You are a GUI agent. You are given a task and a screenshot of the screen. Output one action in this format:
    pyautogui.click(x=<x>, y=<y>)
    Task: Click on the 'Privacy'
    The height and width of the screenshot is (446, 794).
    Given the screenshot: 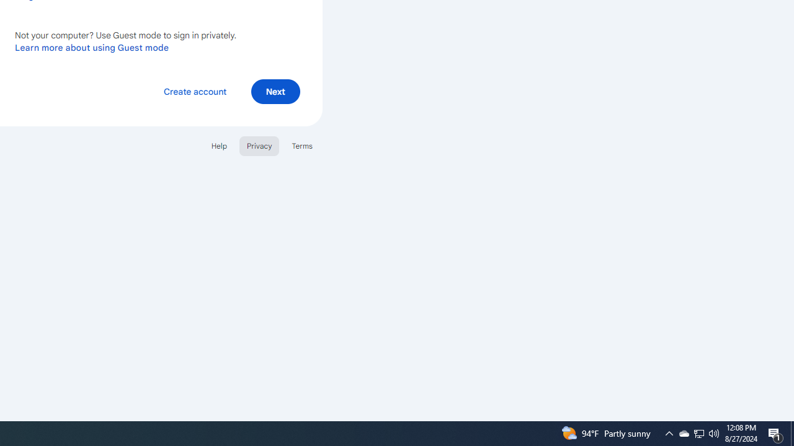 What is the action you would take?
    pyautogui.click(x=258, y=145)
    